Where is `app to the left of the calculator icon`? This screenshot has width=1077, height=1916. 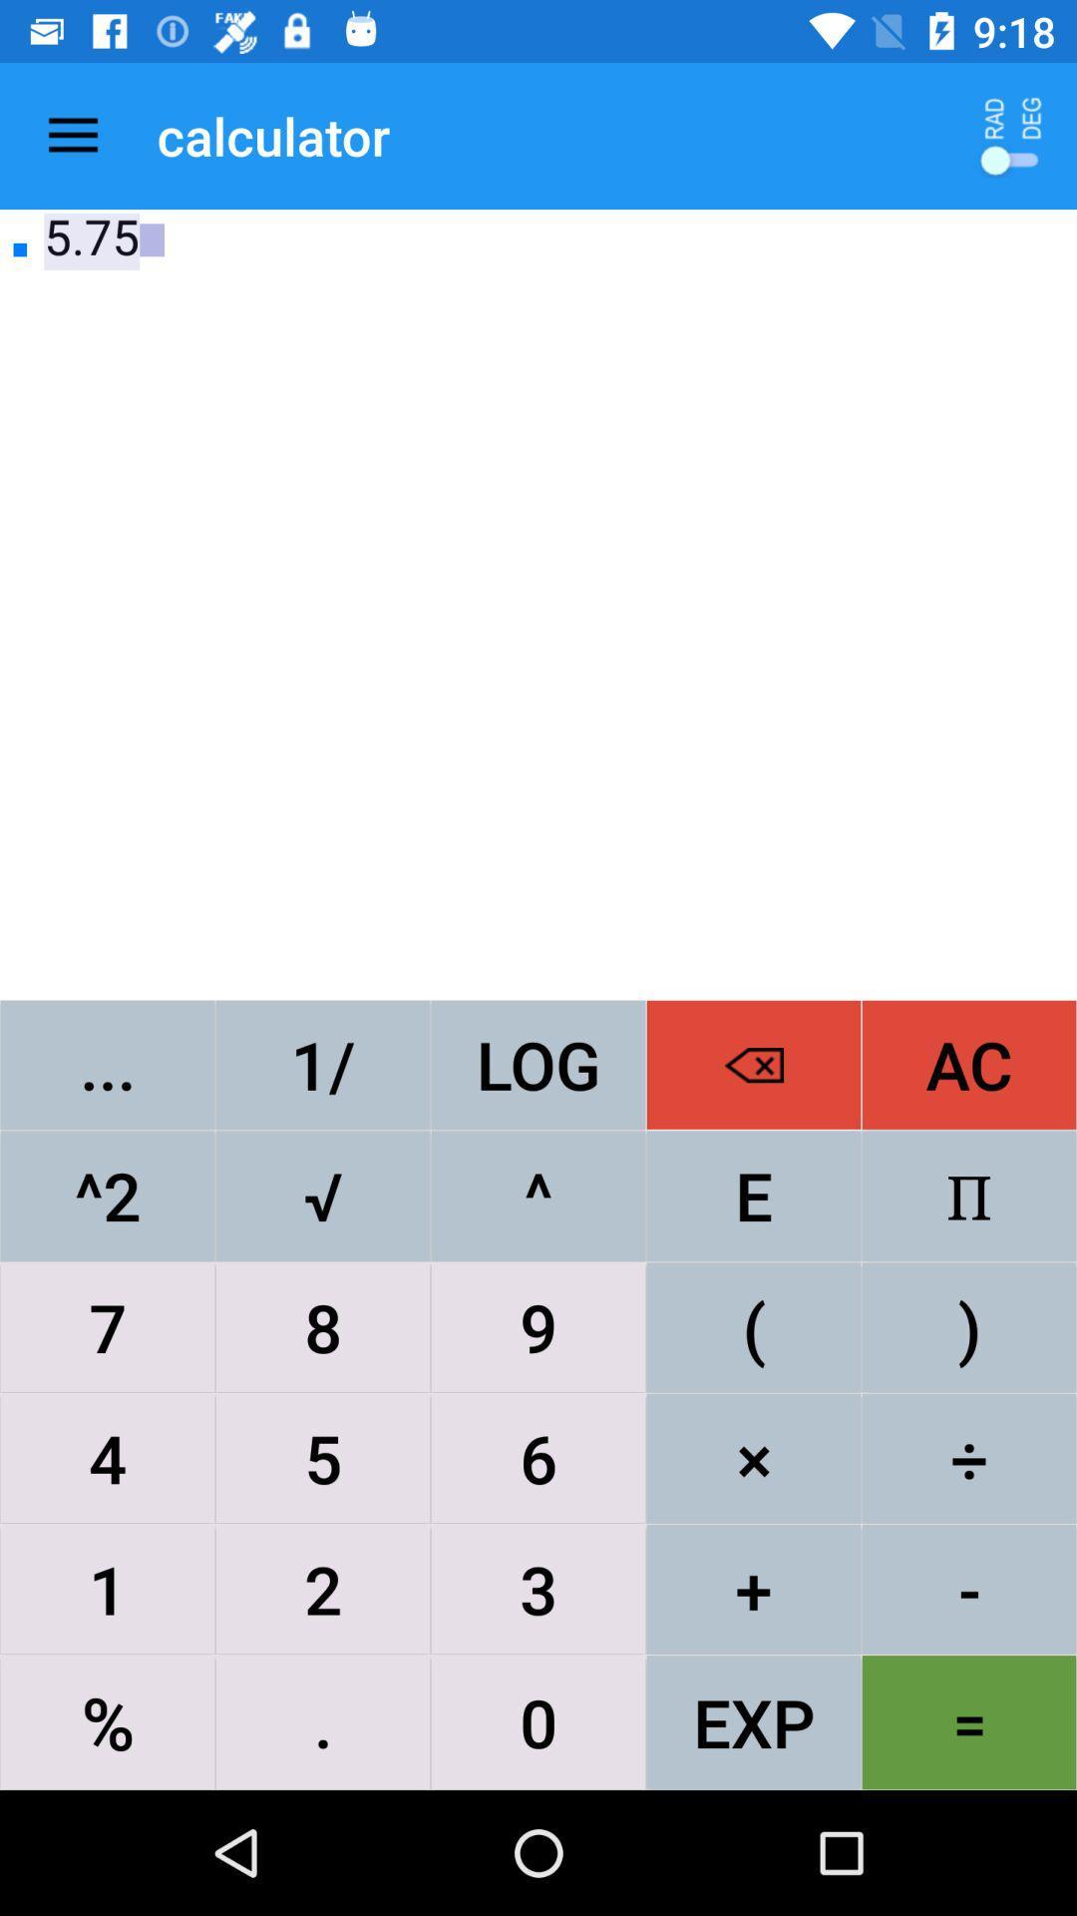
app to the left of the calculator icon is located at coordinates (72, 135).